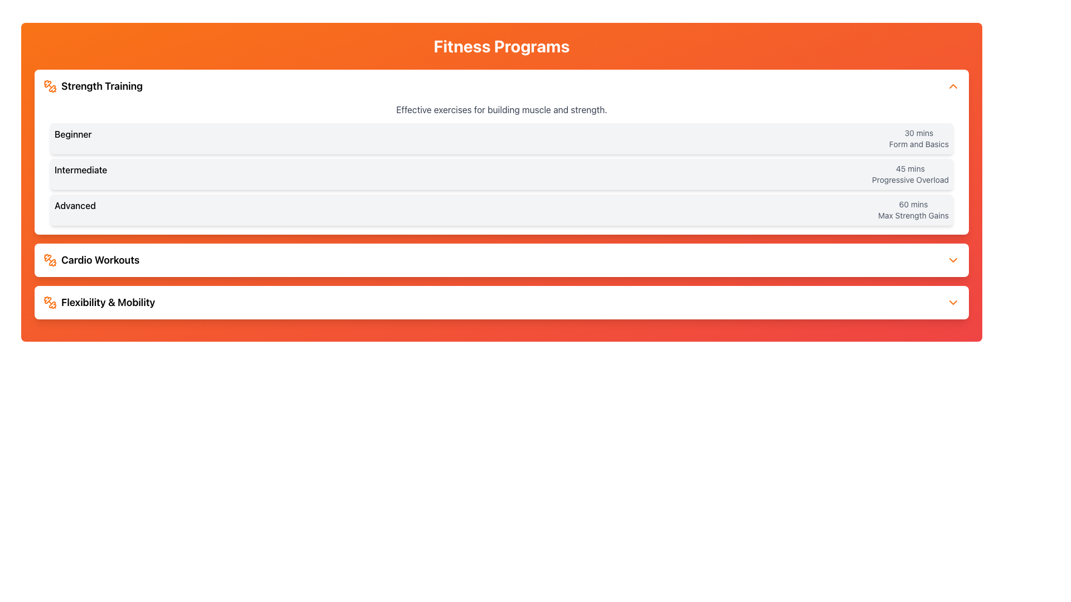  Describe the element at coordinates (100, 260) in the screenshot. I see `the 'Cardio Workouts' text element, which is displayed in bold black font and is part of the 'Fitness Programs' section` at that location.